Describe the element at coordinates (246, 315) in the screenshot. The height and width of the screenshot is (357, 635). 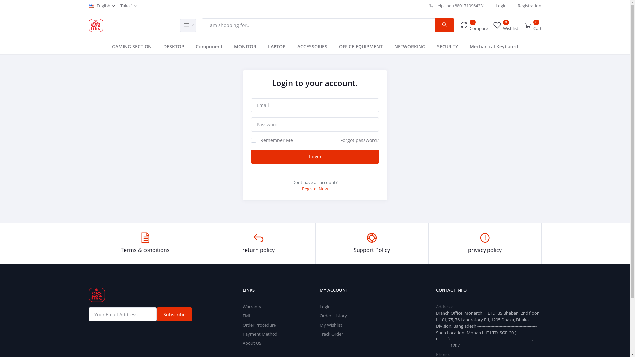
I see `'EMI'` at that location.